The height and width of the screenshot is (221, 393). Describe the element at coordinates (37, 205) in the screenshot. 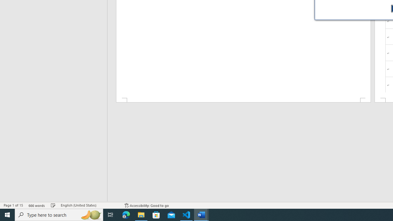

I see `'Word Count 666 words'` at that location.